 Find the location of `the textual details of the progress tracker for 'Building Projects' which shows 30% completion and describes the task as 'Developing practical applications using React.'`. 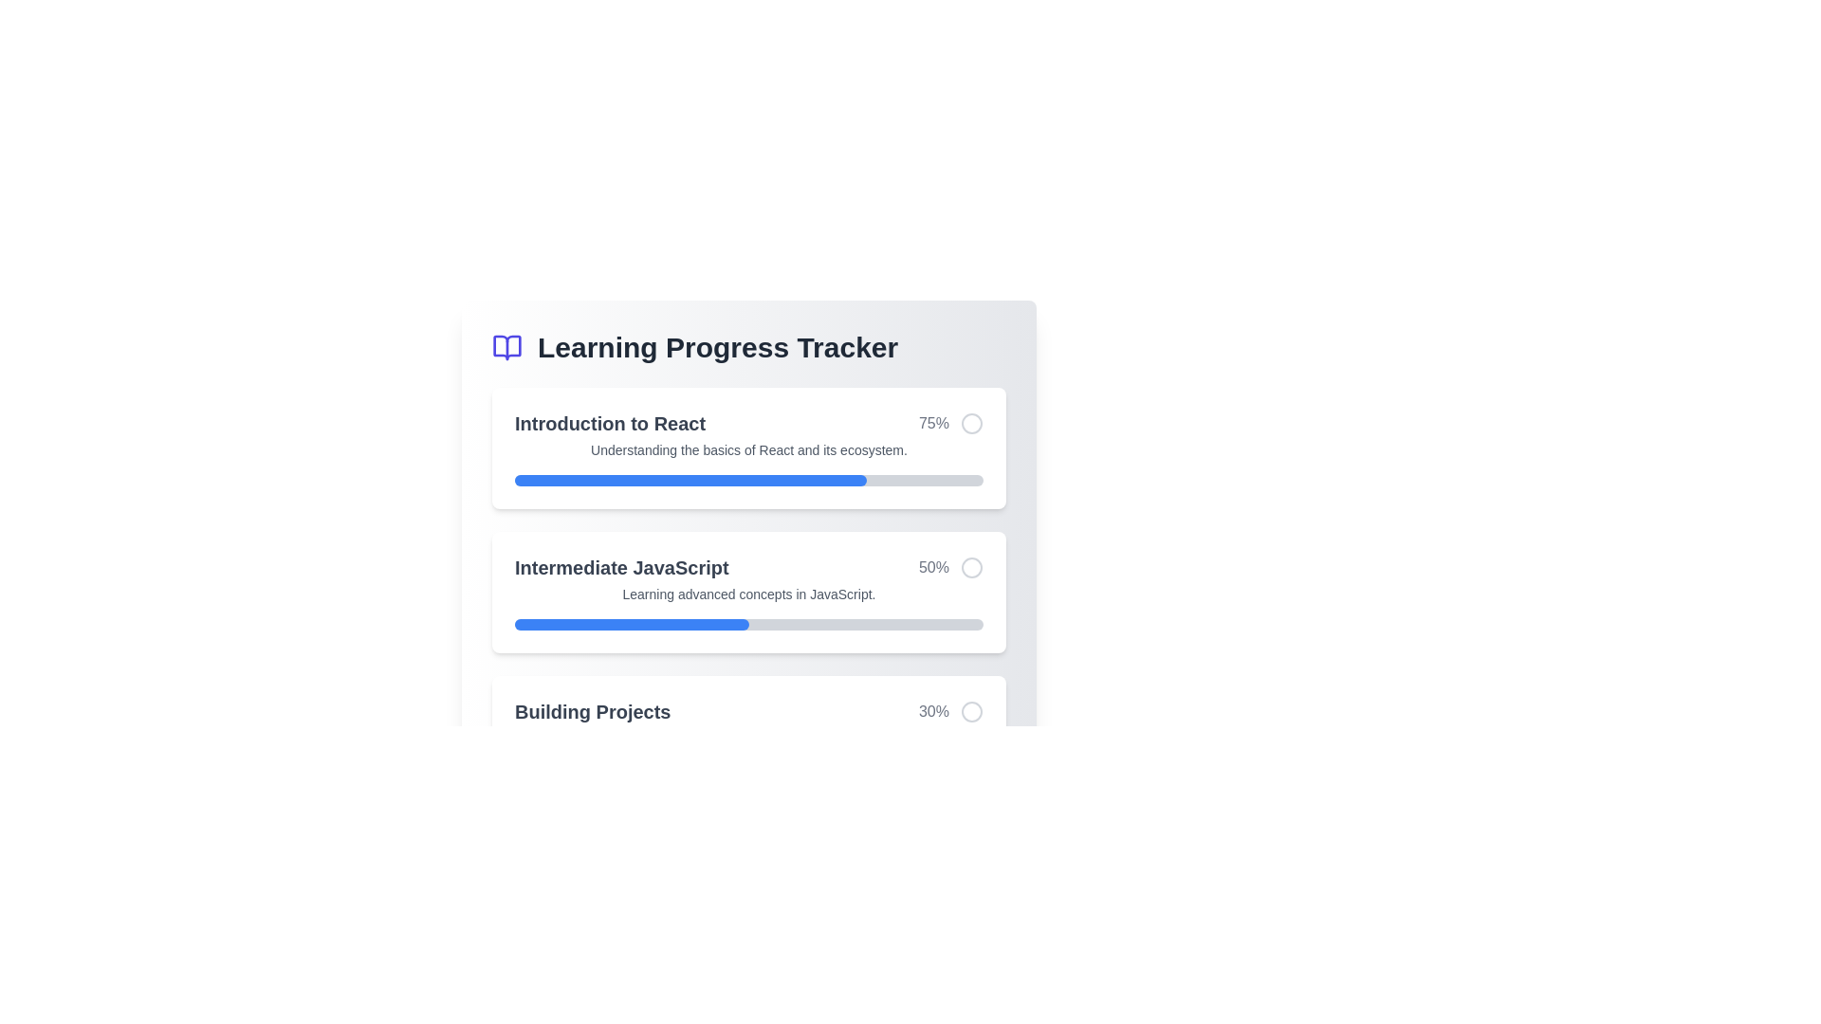

the textual details of the progress tracker for 'Building Projects' which shows 30% completion and describes the task as 'Developing practical applications using React.' is located at coordinates (748, 735).